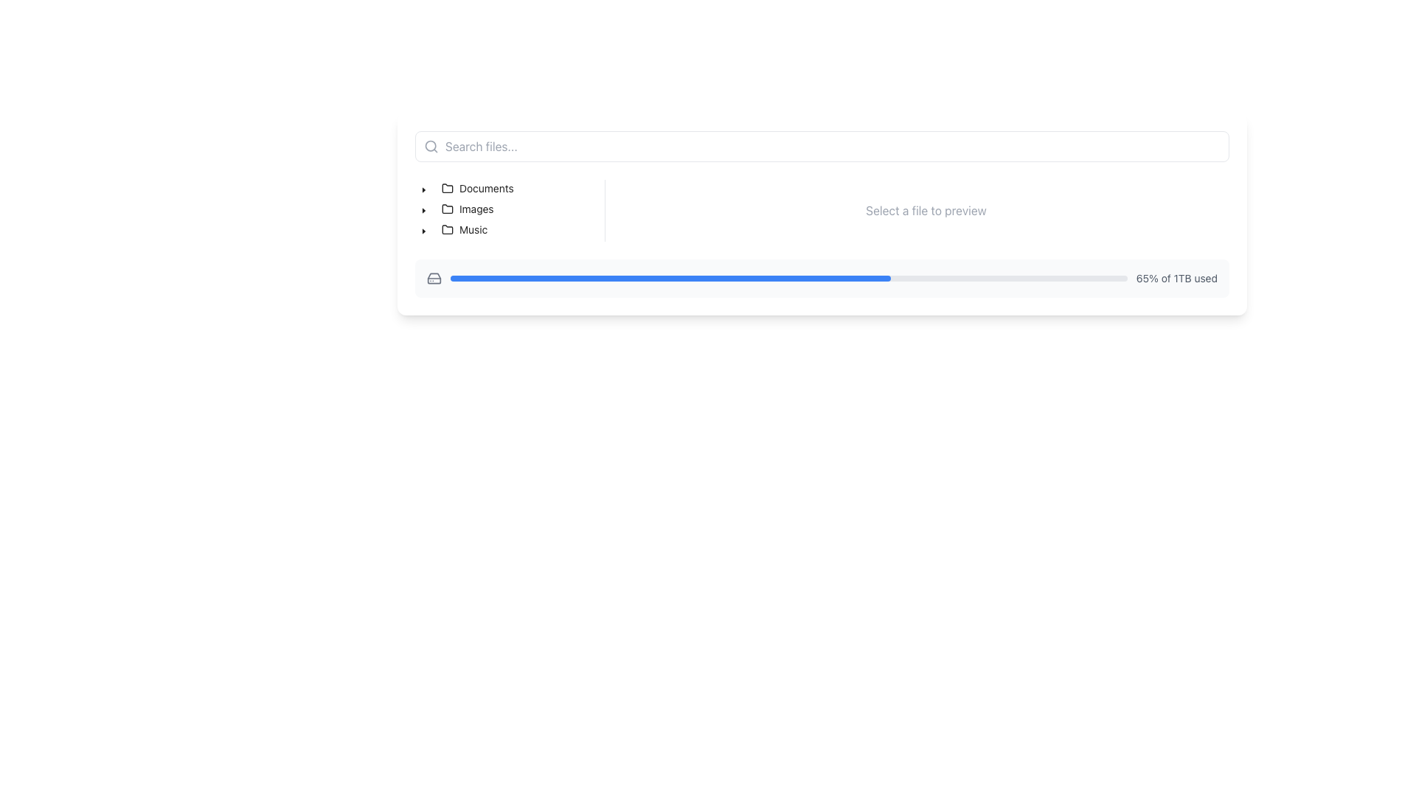  What do you see at coordinates (456, 209) in the screenshot?
I see `the 'Images' Tree View Item` at bounding box center [456, 209].